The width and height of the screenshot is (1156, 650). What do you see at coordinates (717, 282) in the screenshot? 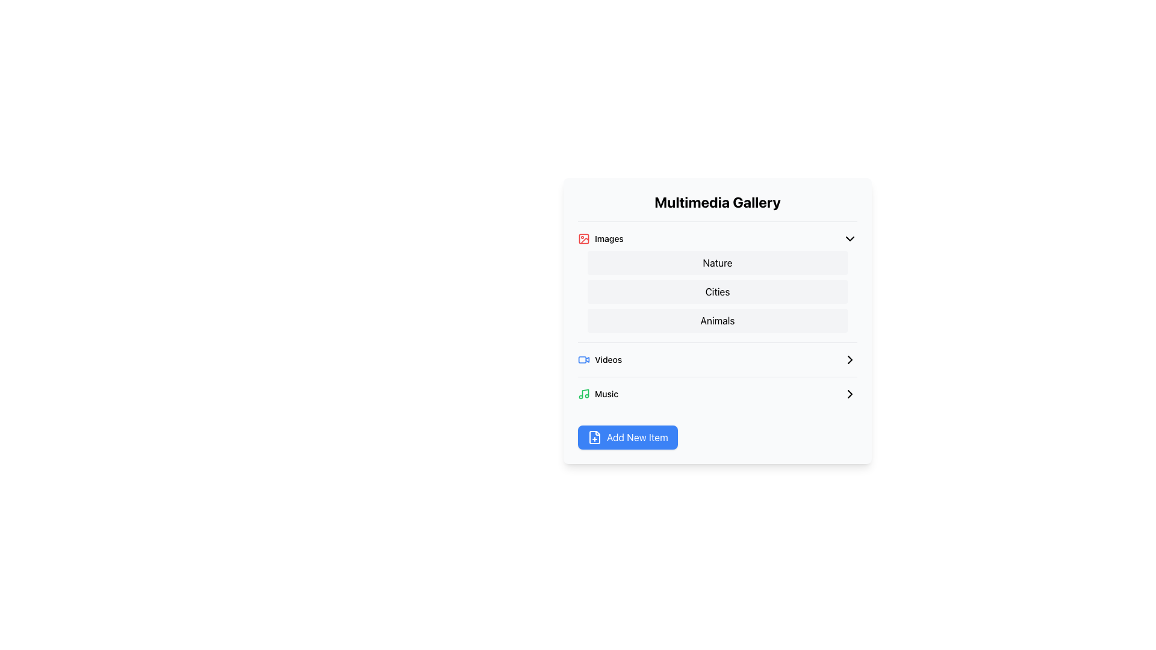
I see `the 'Cities' option in the Dropdown menu located underneath the 'Multimedia Gallery' title, which provides options related to the 'Images' category` at bounding box center [717, 282].